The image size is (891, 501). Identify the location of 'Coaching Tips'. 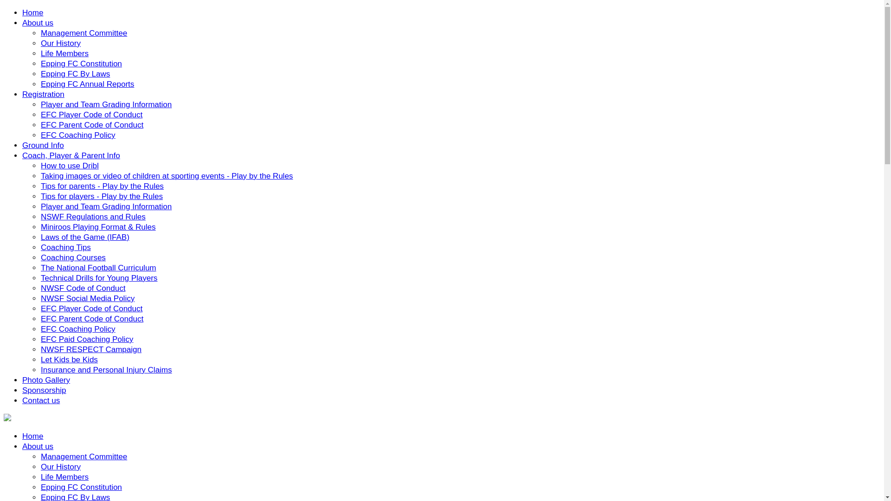
(65, 247).